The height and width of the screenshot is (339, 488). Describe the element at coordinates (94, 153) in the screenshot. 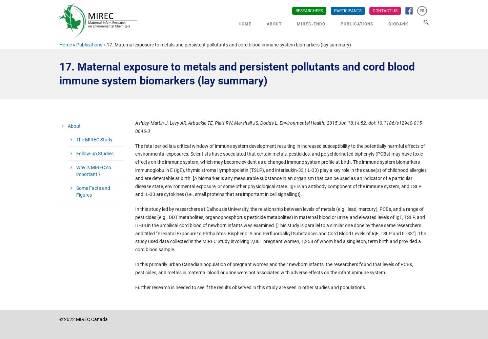

I see `'Follow-up Studies'` at that location.